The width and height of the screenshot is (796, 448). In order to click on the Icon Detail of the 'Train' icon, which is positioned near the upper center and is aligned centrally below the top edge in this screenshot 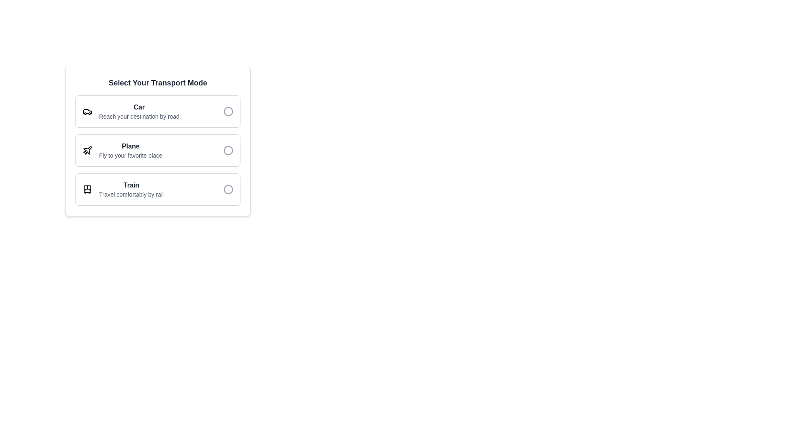, I will do `click(87, 189)`.